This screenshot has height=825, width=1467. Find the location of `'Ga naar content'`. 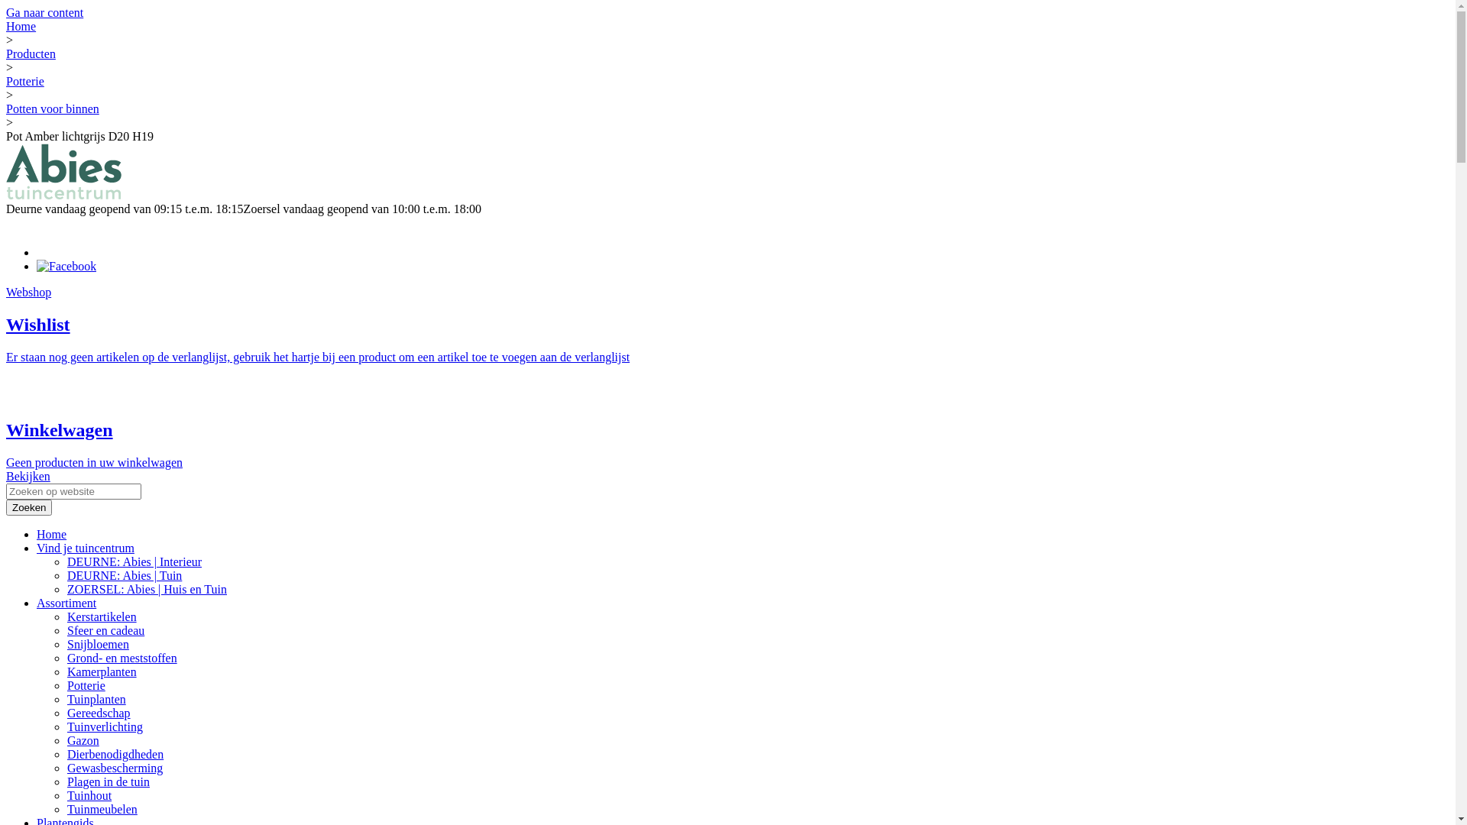

'Ga naar content' is located at coordinates (44, 12).